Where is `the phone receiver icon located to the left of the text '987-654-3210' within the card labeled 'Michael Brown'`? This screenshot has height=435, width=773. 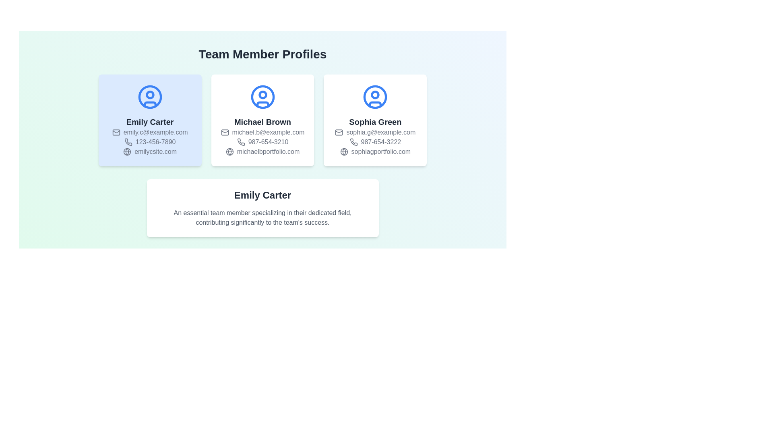
the phone receiver icon located to the left of the text '987-654-3210' within the card labeled 'Michael Brown' is located at coordinates (240, 142).